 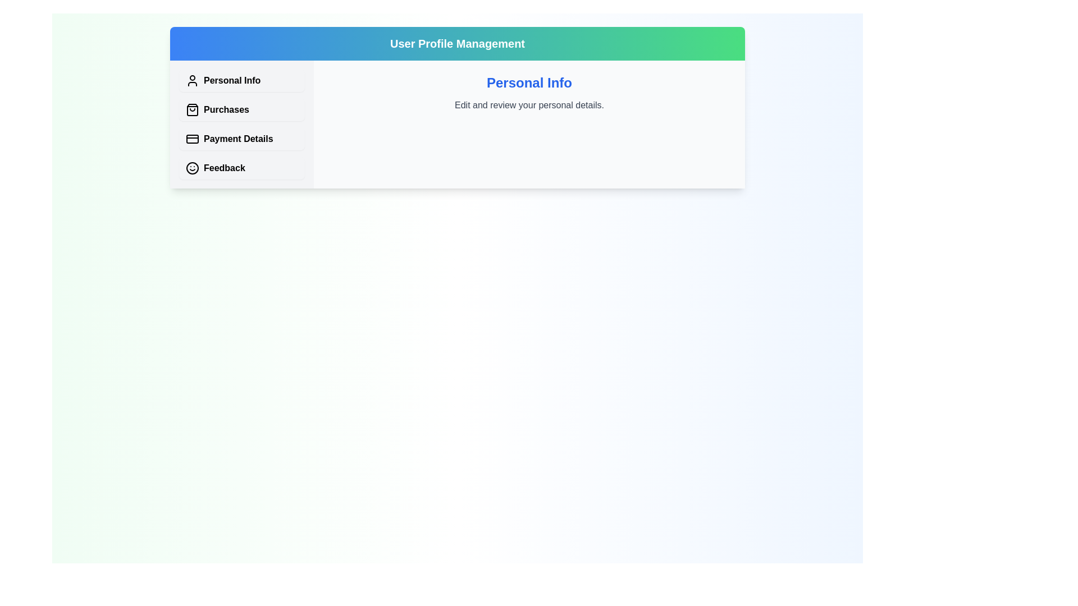 What do you see at coordinates (192, 138) in the screenshot?
I see `the icon for the Payment Details tab` at bounding box center [192, 138].